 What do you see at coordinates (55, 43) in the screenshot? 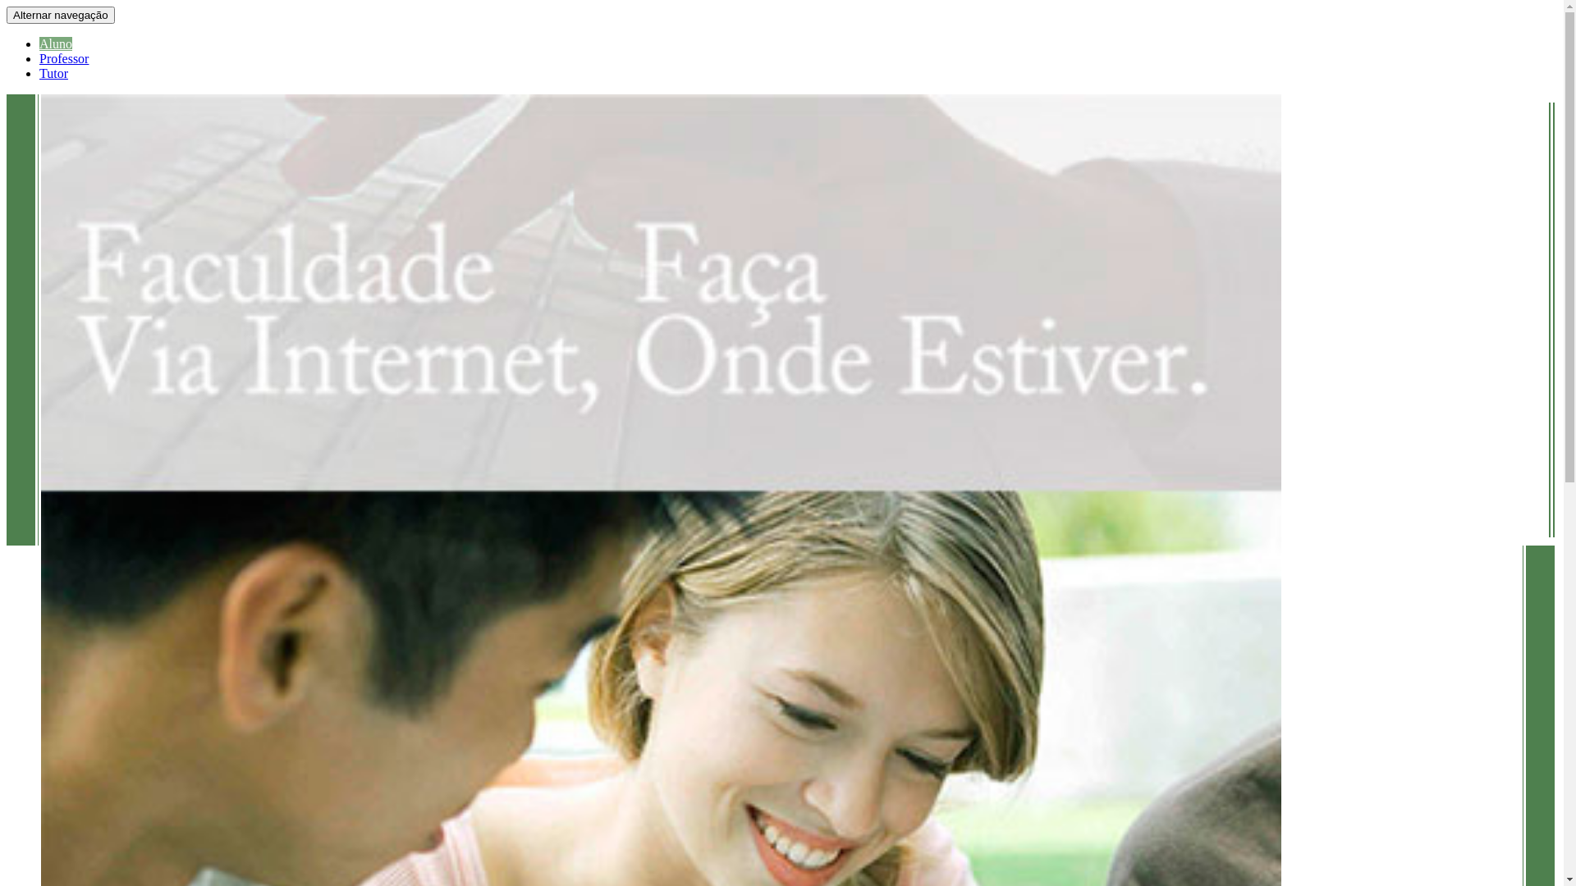
I see `'Aluno'` at bounding box center [55, 43].